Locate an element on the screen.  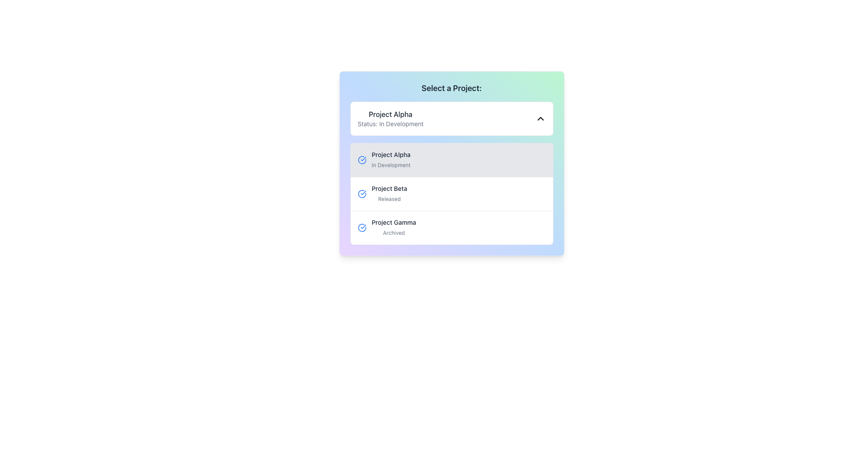
on the text block displaying 'Project Alpha' with the status 'In Development' in the selection list under 'Select a Project:' is located at coordinates (390, 160).